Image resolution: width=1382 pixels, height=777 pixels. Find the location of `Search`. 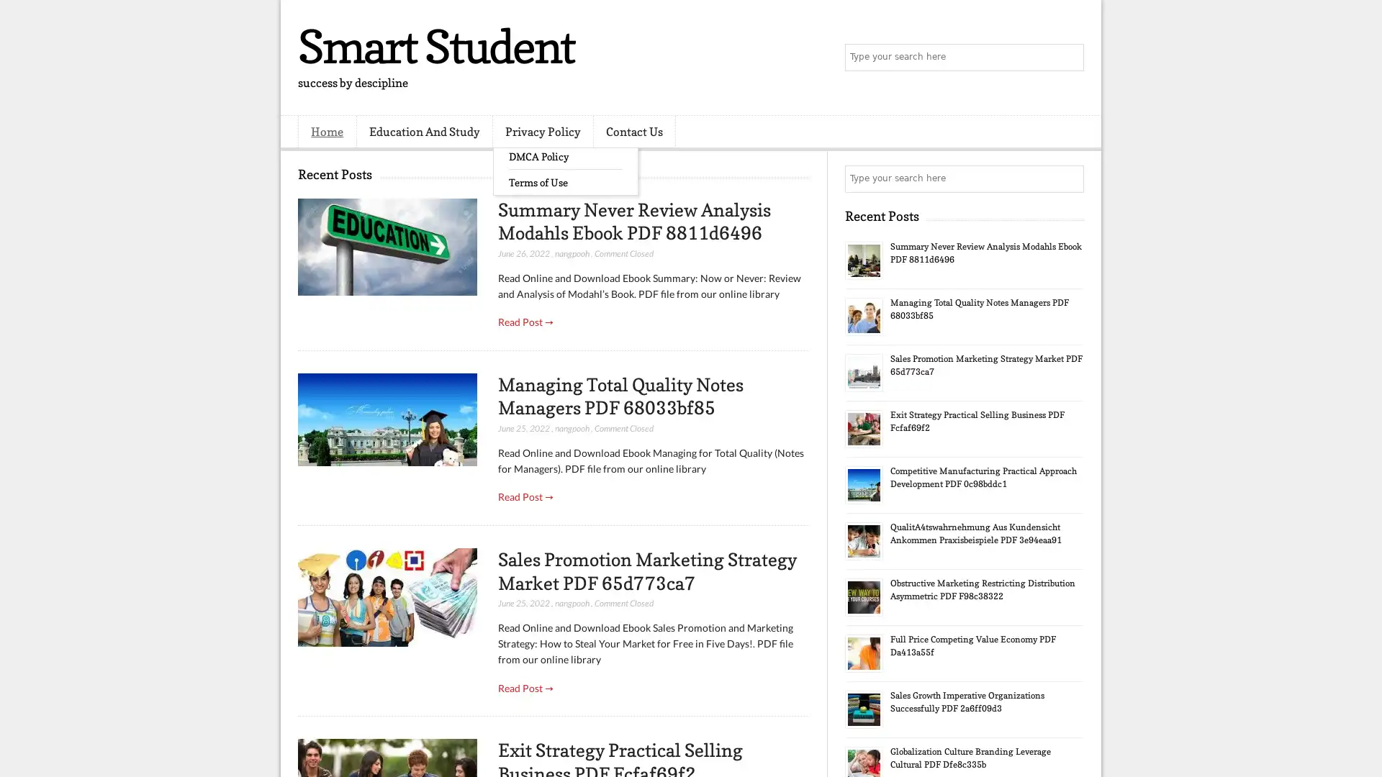

Search is located at coordinates (1069, 178).